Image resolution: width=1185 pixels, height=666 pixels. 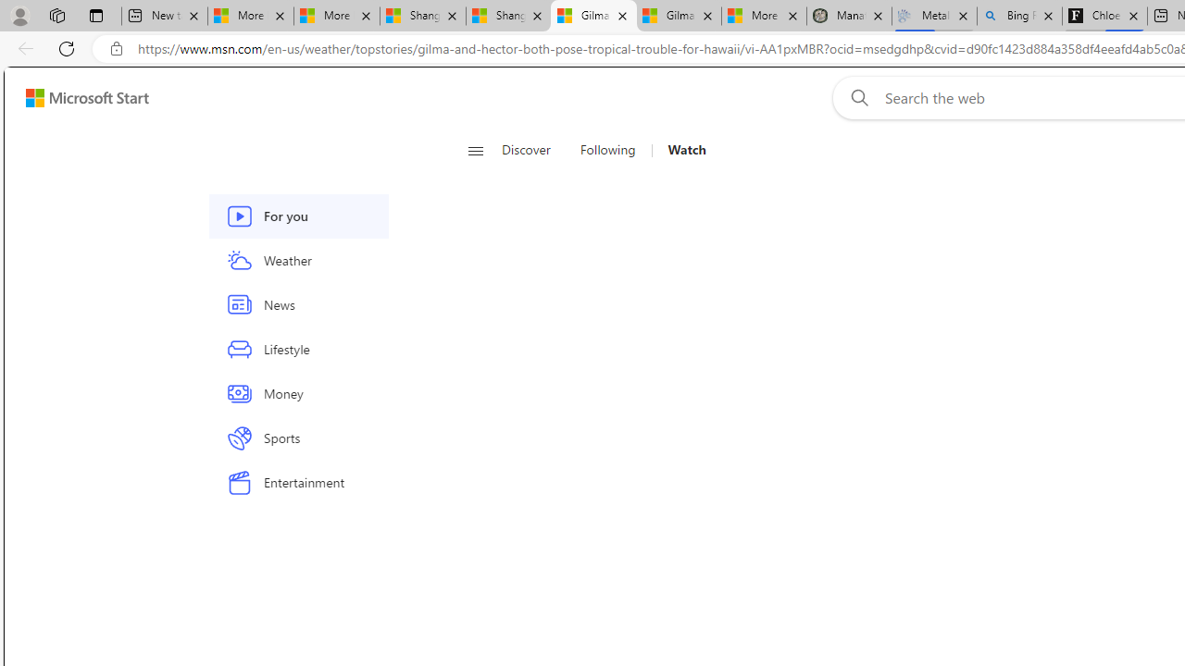 I want to click on 'Watch', so click(x=686, y=150).